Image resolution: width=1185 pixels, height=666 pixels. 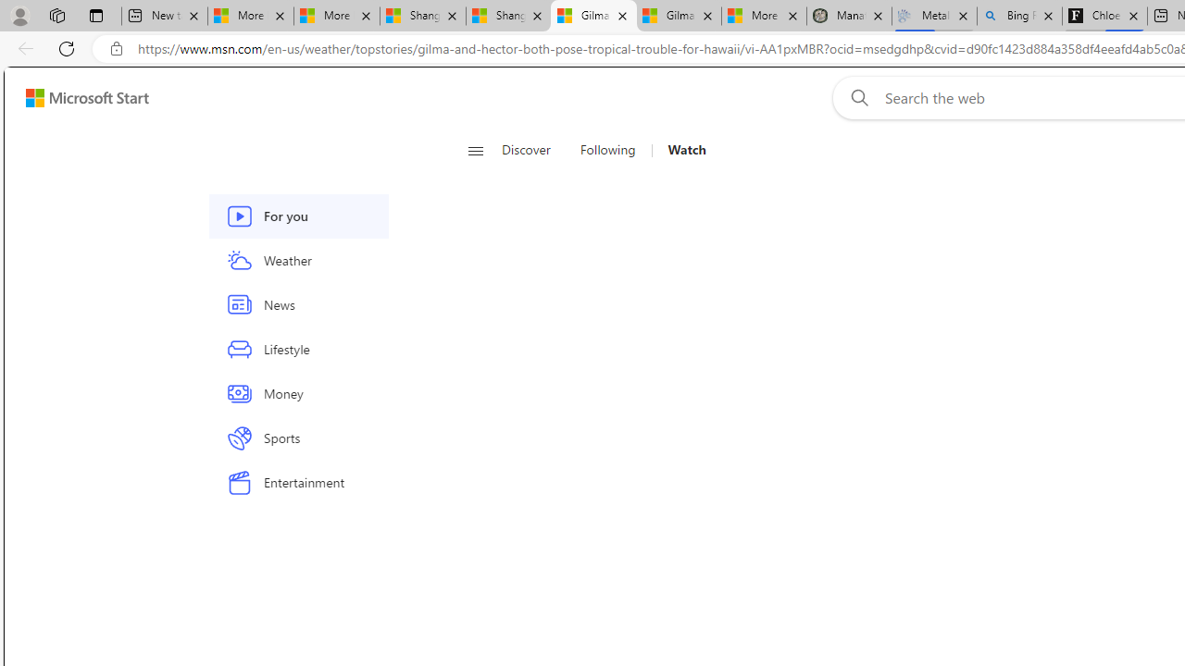 I want to click on 'Watch', so click(x=686, y=150).